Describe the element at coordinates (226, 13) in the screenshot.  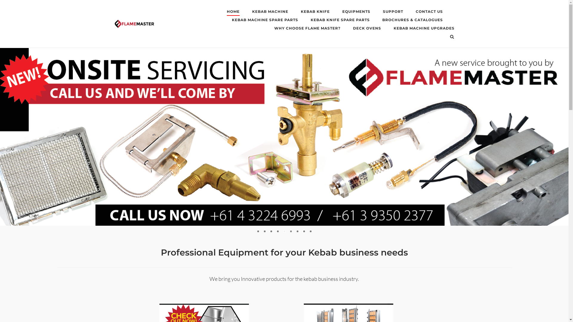
I see `'HOME'` at that location.